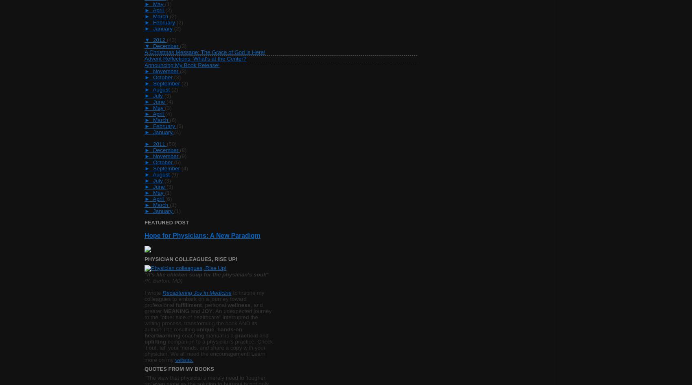 Image resolution: width=692 pixels, height=385 pixels. Describe the element at coordinates (155, 341) in the screenshot. I see `'uplifting'` at that location.